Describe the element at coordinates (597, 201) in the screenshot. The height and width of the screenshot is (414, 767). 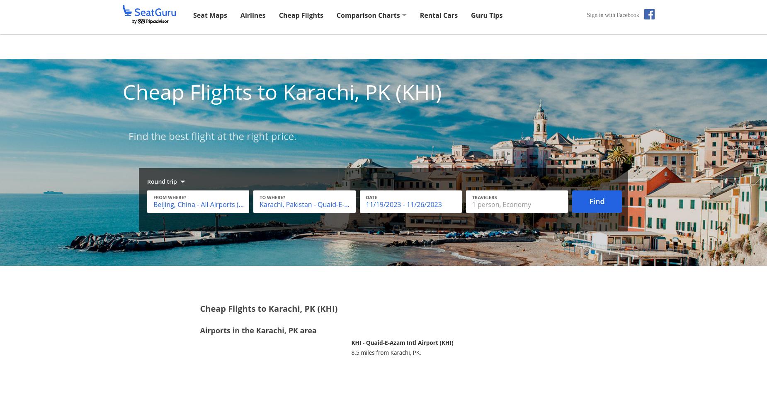
I see `'Find'` at that location.